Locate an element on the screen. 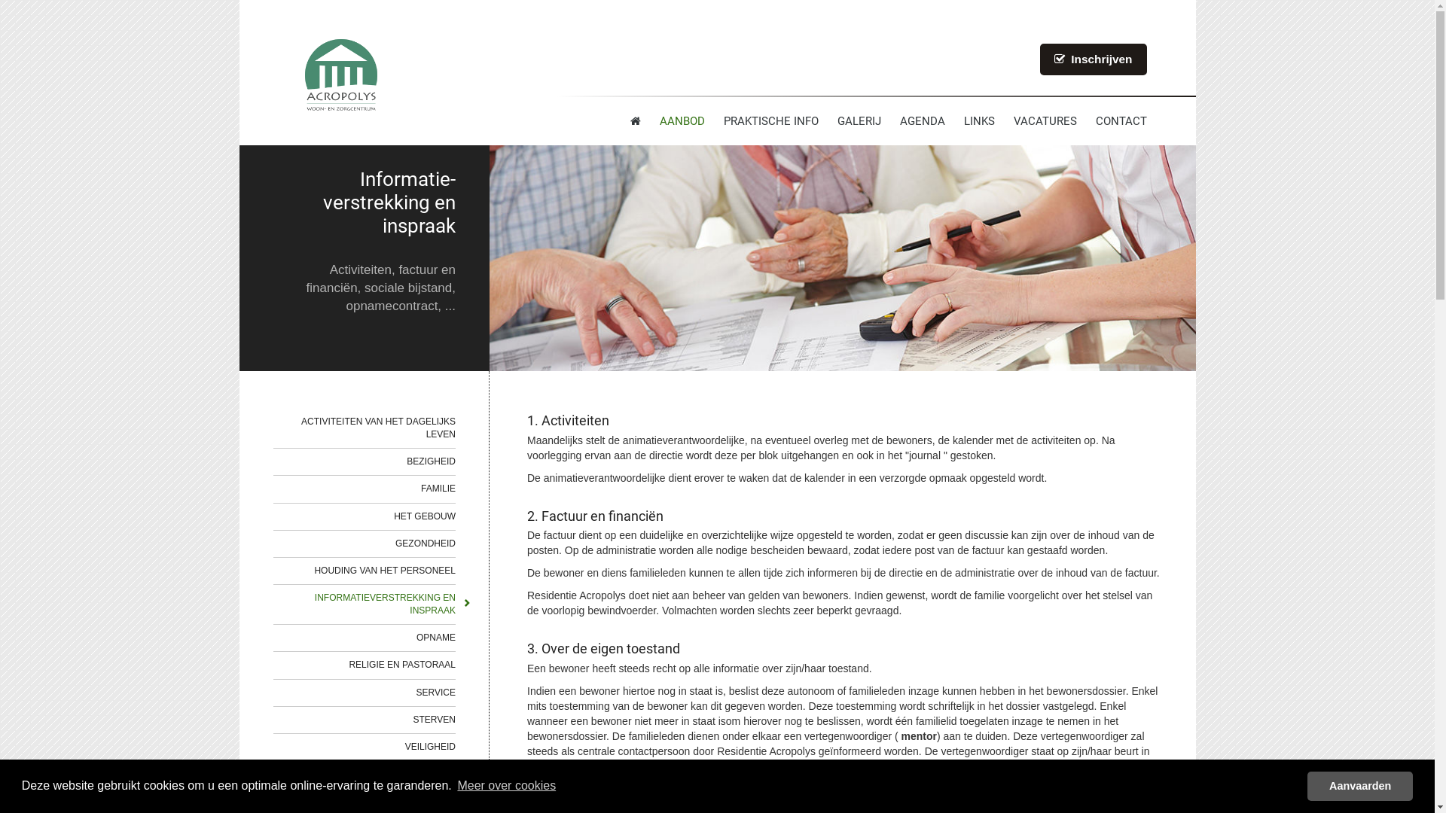 Image resolution: width=1446 pixels, height=813 pixels. 'BEZIGHEID' is located at coordinates (364, 461).